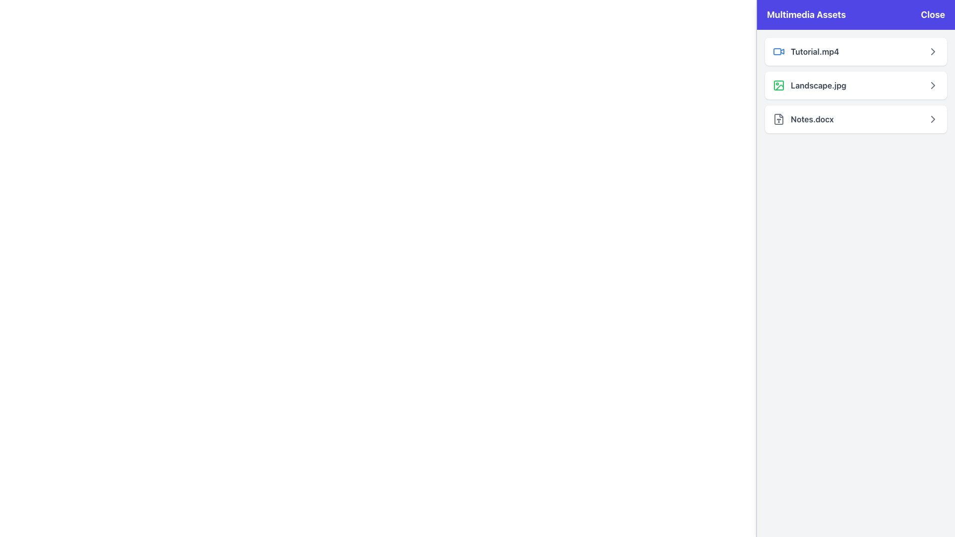 The image size is (955, 537). What do you see at coordinates (856, 52) in the screenshot?
I see `the first multimedia file item in the sidebar list` at bounding box center [856, 52].